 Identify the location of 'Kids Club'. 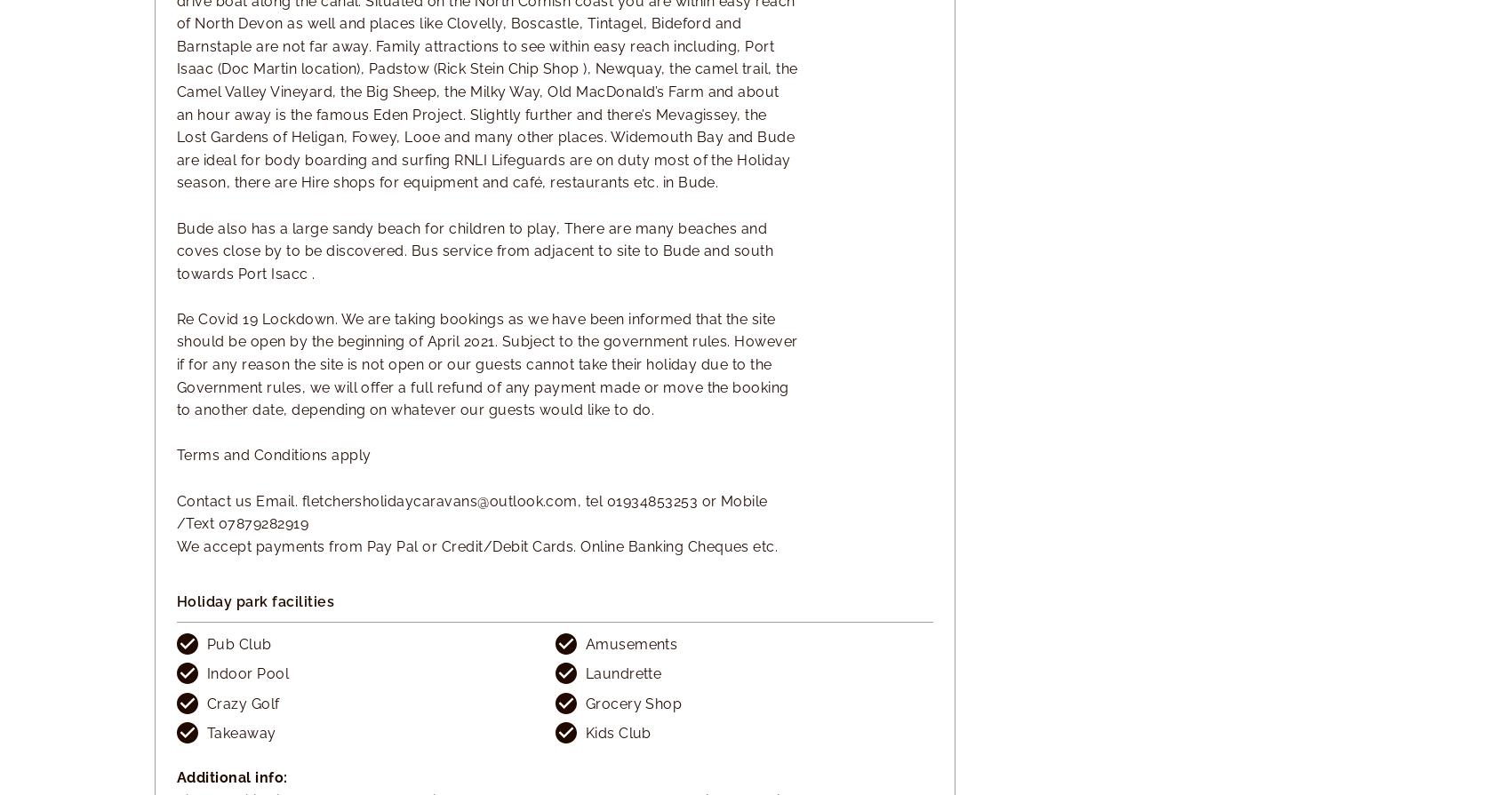
(617, 732).